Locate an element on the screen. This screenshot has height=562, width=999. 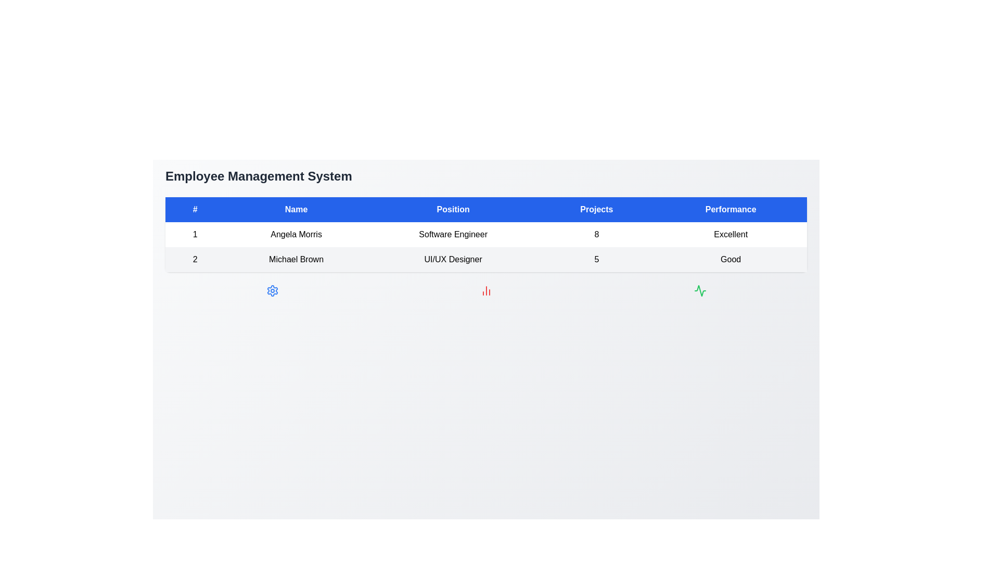
the static text displaying the number '5' in the table cell under the 'Projects' column for 'Michael Brown', a UI/UX Designer is located at coordinates (596, 259).